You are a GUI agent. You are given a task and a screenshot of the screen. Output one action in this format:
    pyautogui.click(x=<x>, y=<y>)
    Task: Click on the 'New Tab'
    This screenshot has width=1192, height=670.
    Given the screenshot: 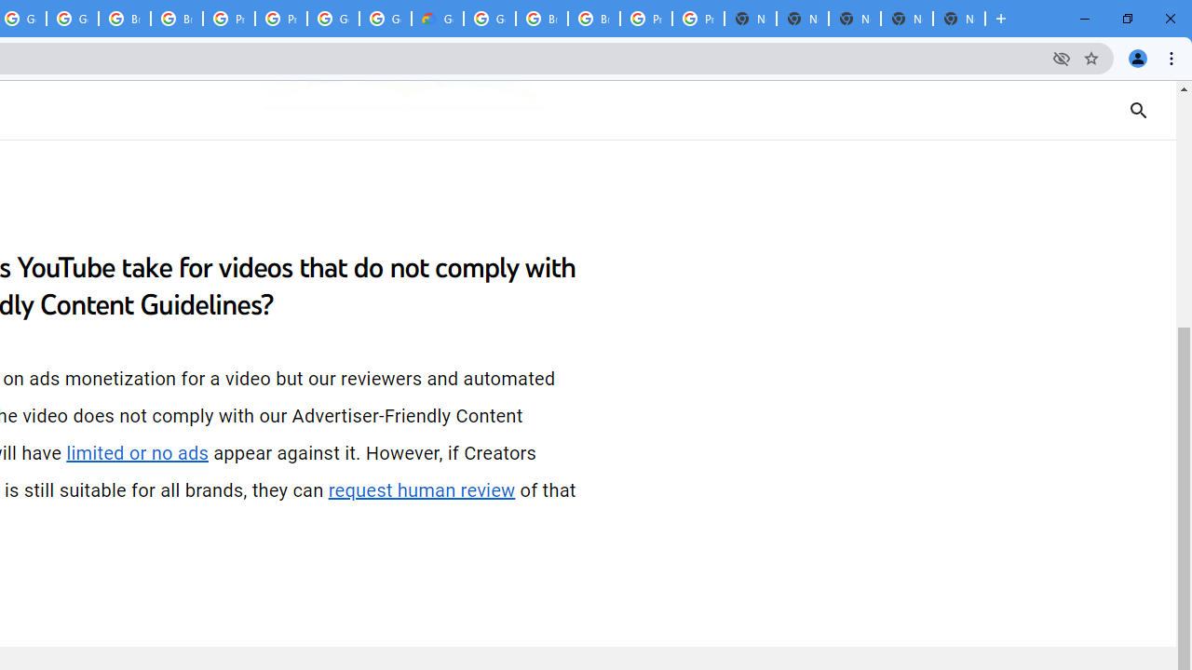 What is the action you would take?
    pyautogui.click(x=1000, y=19)
    